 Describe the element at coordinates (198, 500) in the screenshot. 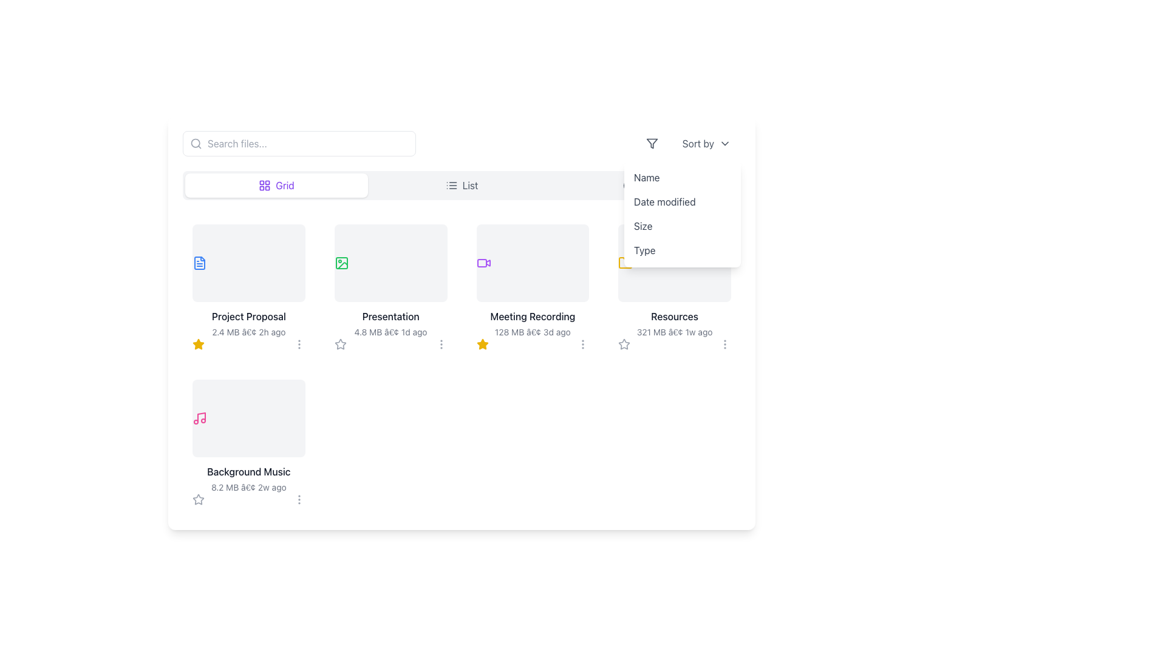

I see `the favorite indicator icon button located below the 'Background Music' file listing, in the second row, as the first element in the horizontal group of interactions` at that location.